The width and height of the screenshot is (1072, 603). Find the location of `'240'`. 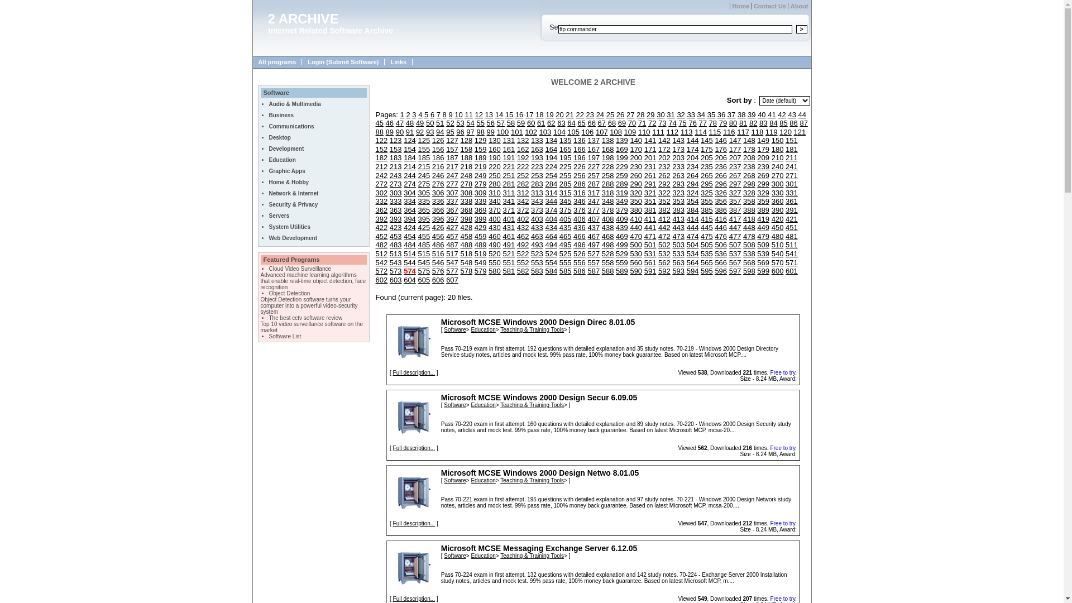

'240' is located at coordinates (777, 166).